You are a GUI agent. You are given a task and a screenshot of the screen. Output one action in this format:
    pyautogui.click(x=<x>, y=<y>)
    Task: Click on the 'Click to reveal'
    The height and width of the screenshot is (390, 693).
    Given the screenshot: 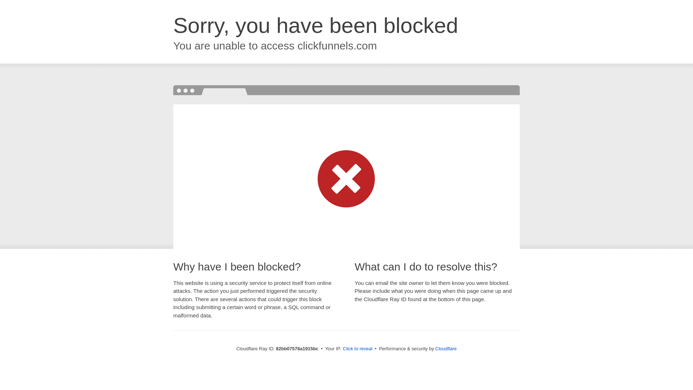 What is the action you would take?
    pyautogui.click(x=357, y=348)
    